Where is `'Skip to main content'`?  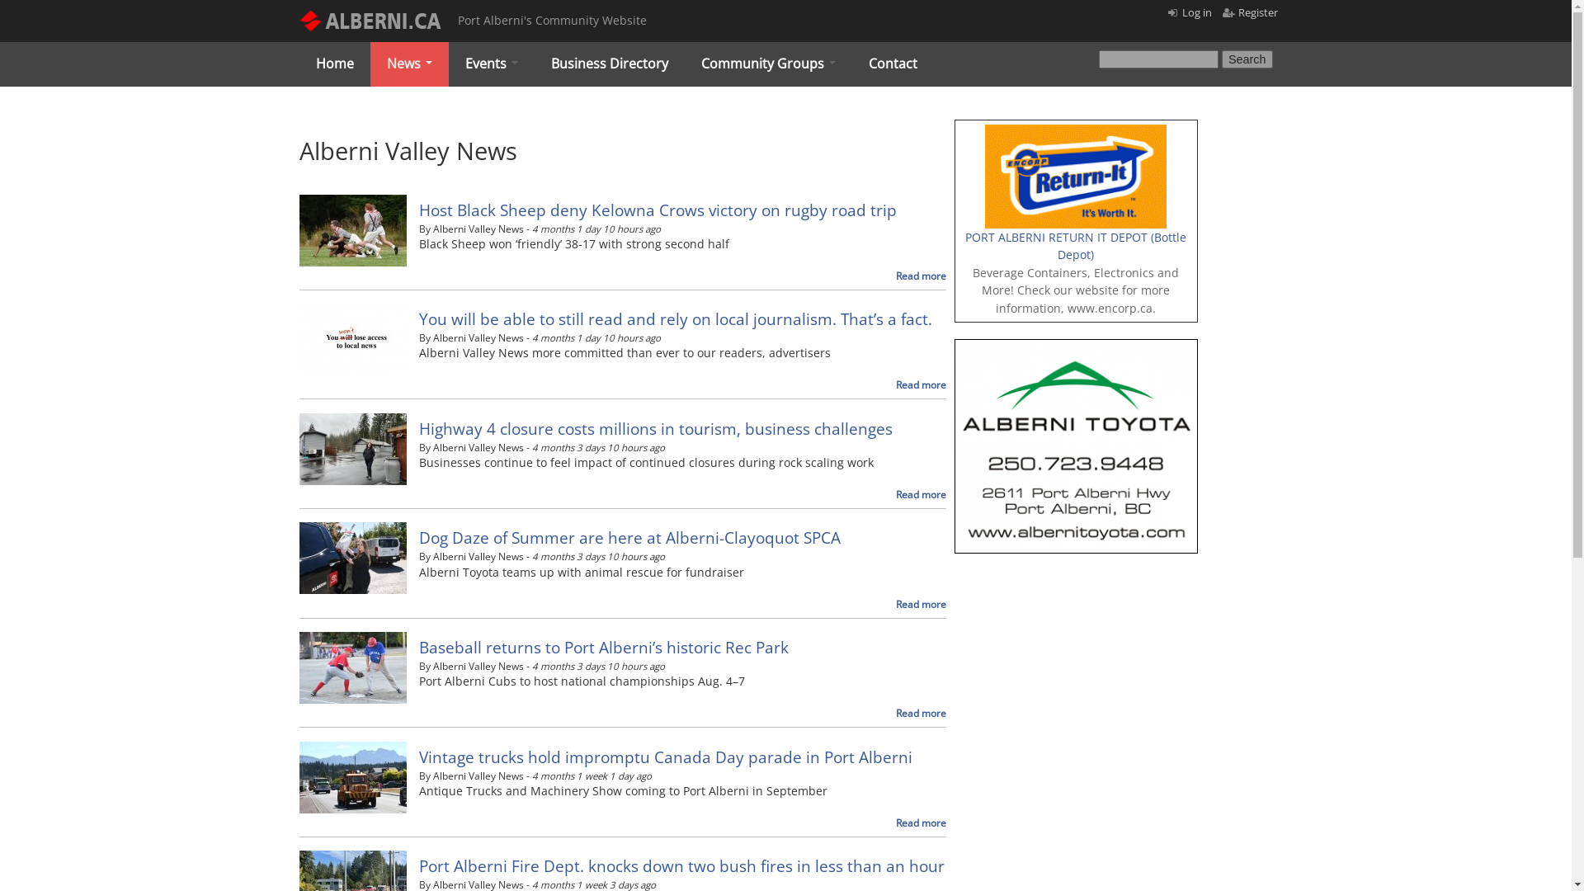
'Skip to main content' is located at coordinates (714, 0).